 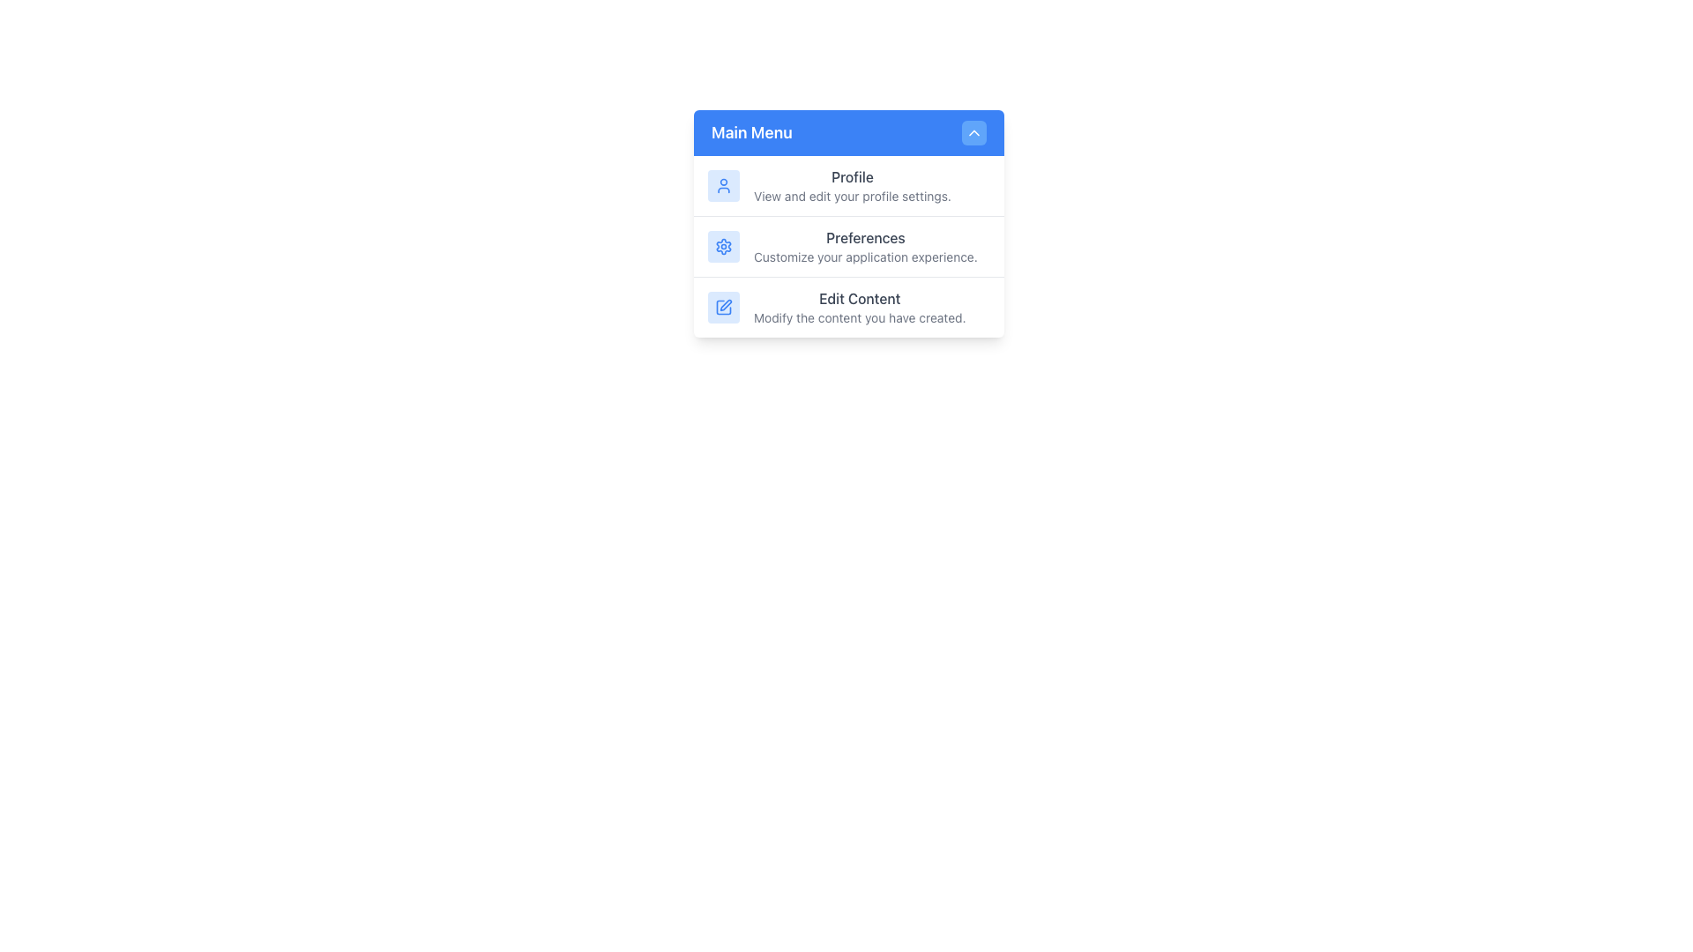 What do you see at coordinates (849, 306) in the screenshot?
I see `the 'Edit Content' menu item in the dropdown list` at bounding box center [849, 306].